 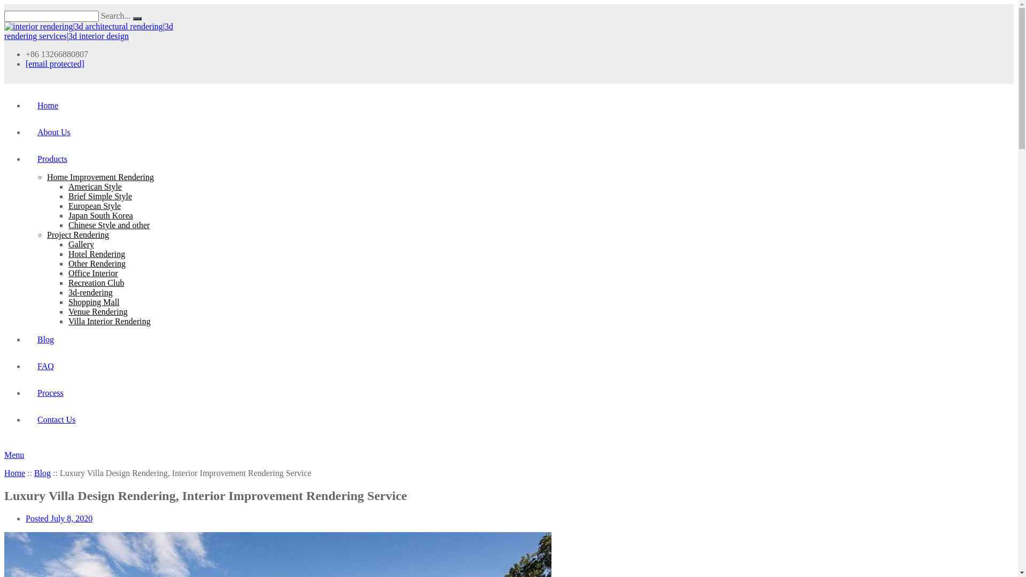 I want to click on 'Home Improvement Rendering', so click(x=100, y=176).